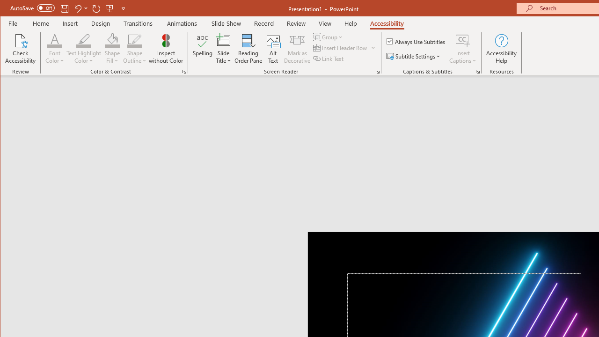  I want to click on 'Captions & Subtitles', so click(477, 71).